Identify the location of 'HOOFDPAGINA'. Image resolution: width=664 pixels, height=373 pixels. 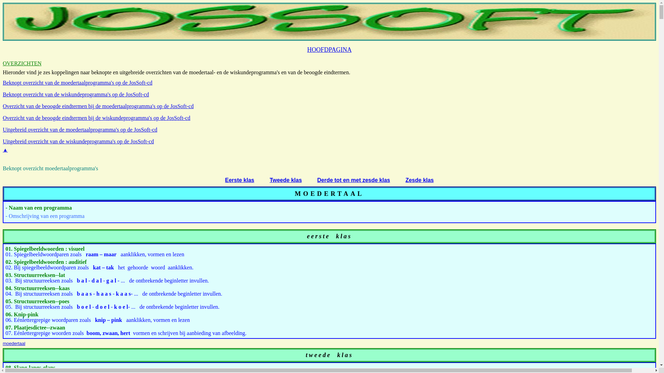
(307, 49).